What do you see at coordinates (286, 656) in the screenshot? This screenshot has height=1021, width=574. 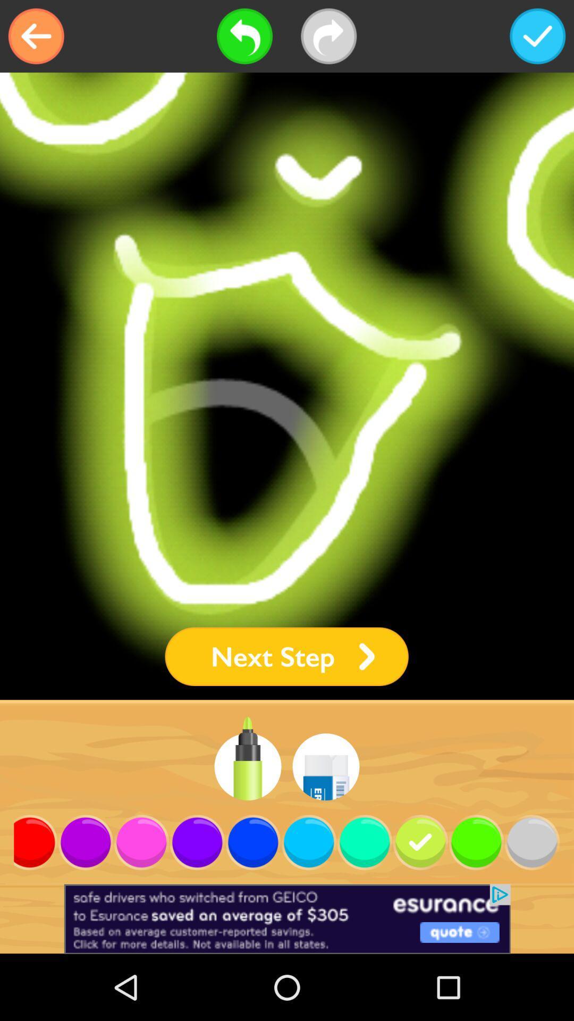 I see `next step icon` at bounding box center [286, 656].